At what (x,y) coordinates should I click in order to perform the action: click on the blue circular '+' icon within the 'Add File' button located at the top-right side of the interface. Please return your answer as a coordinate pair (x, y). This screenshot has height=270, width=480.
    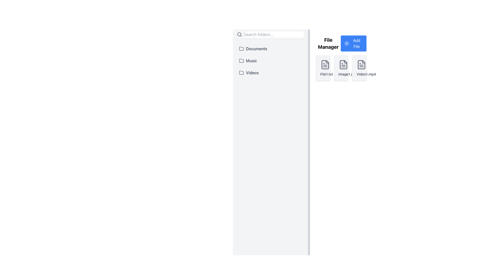
    Looking at the image, I should click on (346, 43).